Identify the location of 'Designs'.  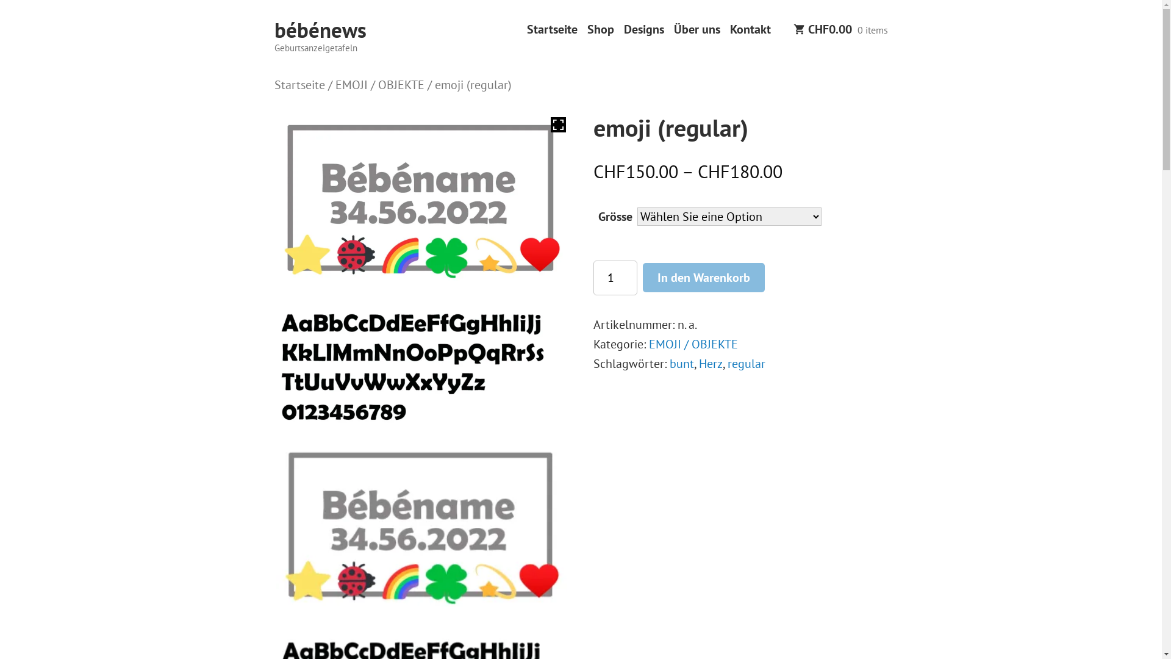
(643, 29).